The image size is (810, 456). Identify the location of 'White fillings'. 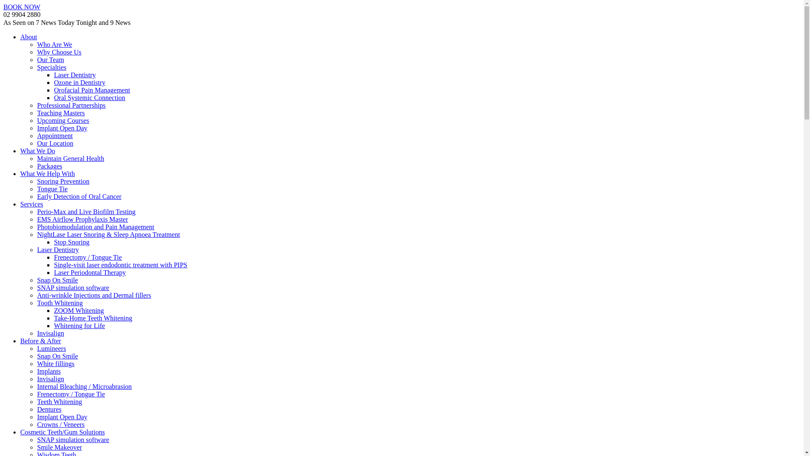
(55, 363).